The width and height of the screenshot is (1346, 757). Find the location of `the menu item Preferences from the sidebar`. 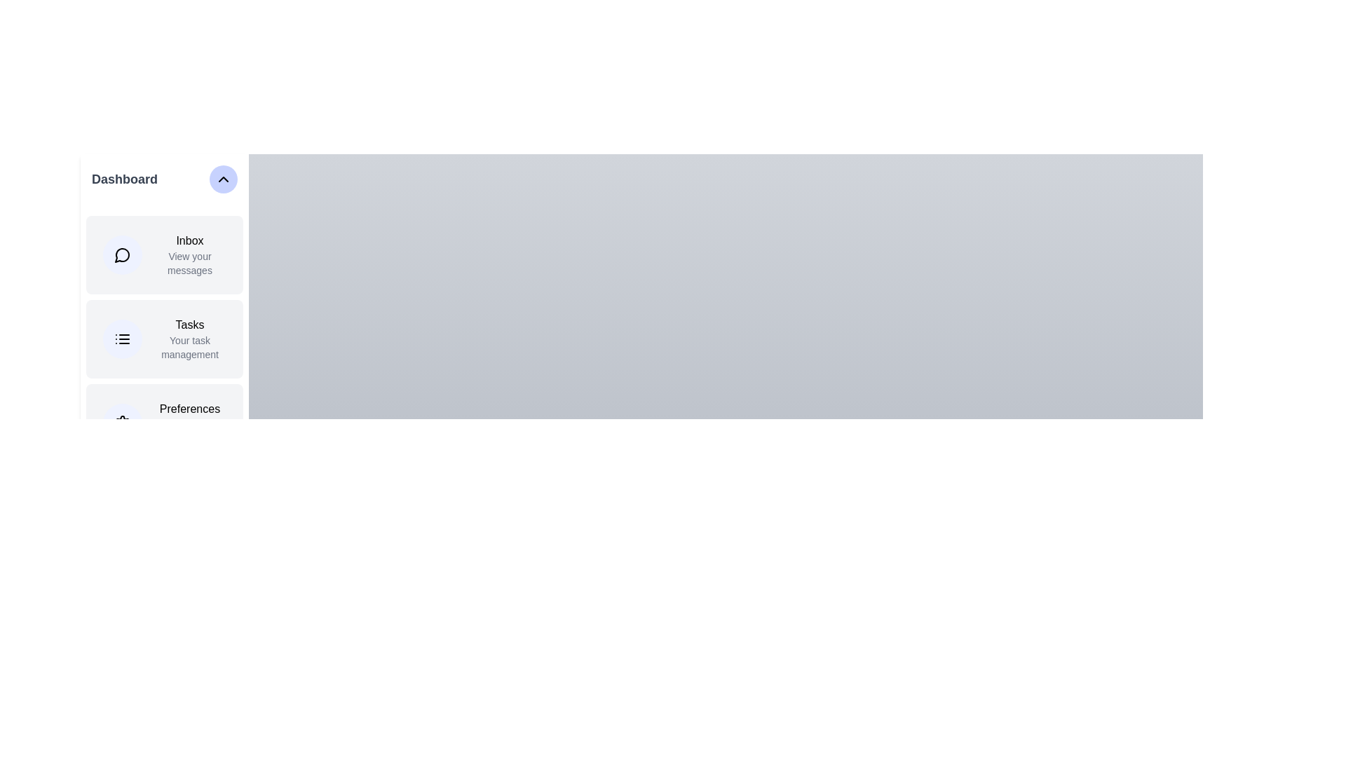

the menu item Preferences from the sidebar is located at coordinates (165, 423).